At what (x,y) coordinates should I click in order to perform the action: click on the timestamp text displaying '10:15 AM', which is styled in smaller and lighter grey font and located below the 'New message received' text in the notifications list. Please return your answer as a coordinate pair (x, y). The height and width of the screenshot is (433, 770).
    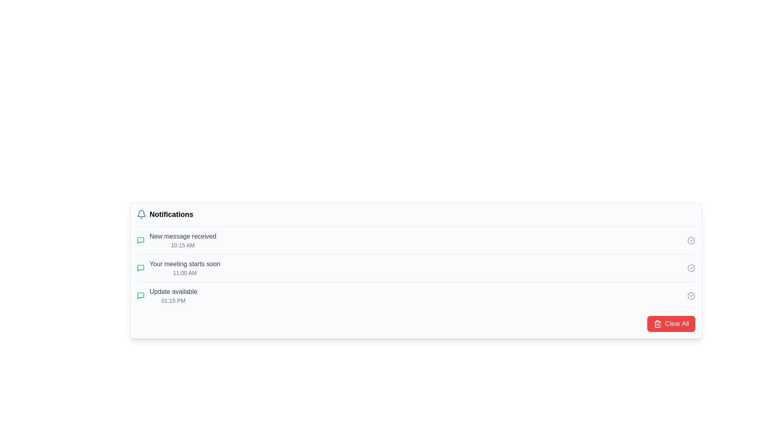
    Looking at the image, I should click on (182, 245).